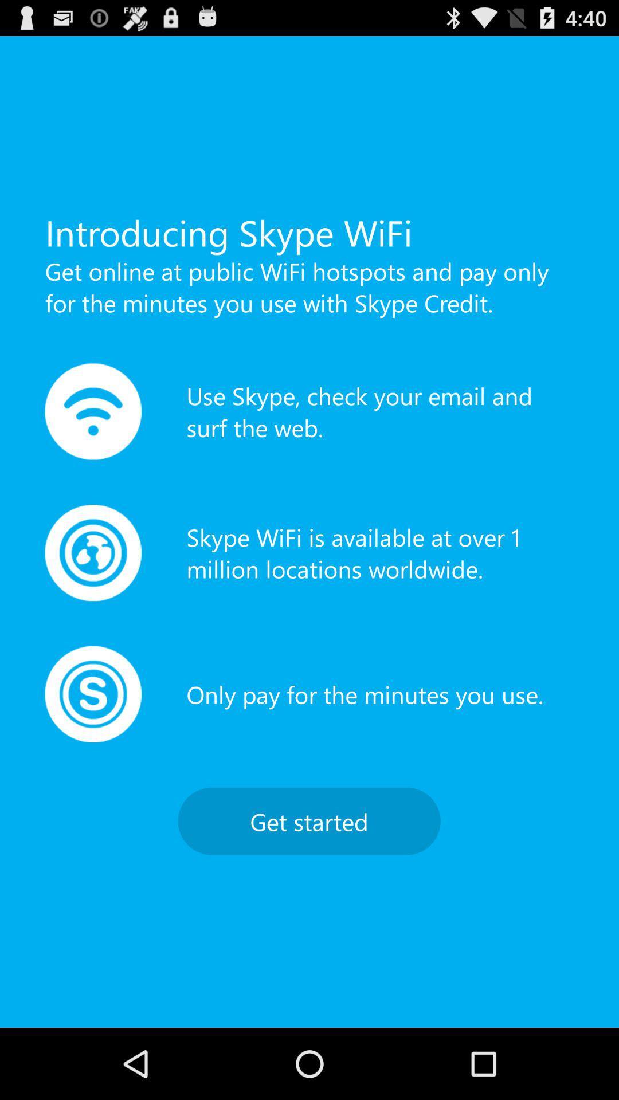  What do you see at coordinates (308, 820) in the screenshot?
I see `get started at the bottom` at bounding box center [308, 820].